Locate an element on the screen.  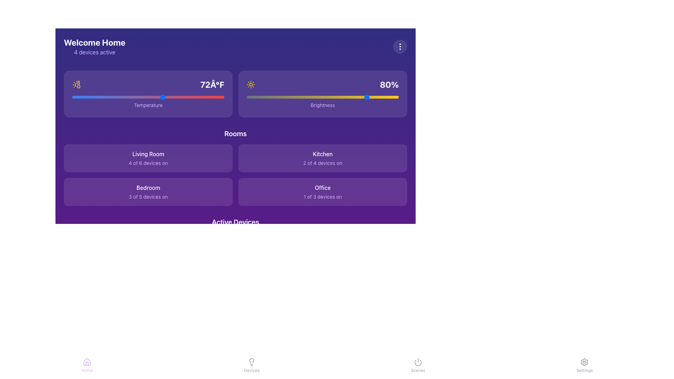
the 'Devices' button, which is the second button in the bottom navigation bar is located at coordinates (252, 365).